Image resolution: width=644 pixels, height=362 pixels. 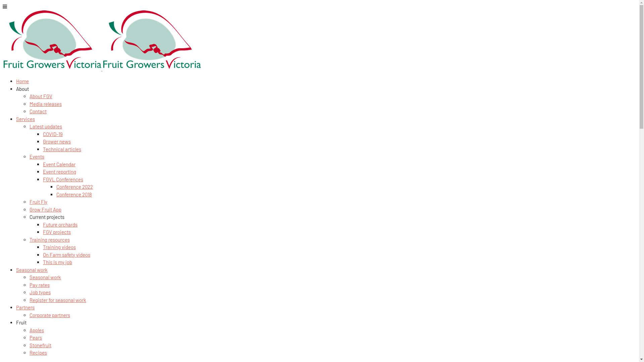 I want to click on 'Corporate partners', so click(x=49, y=314).